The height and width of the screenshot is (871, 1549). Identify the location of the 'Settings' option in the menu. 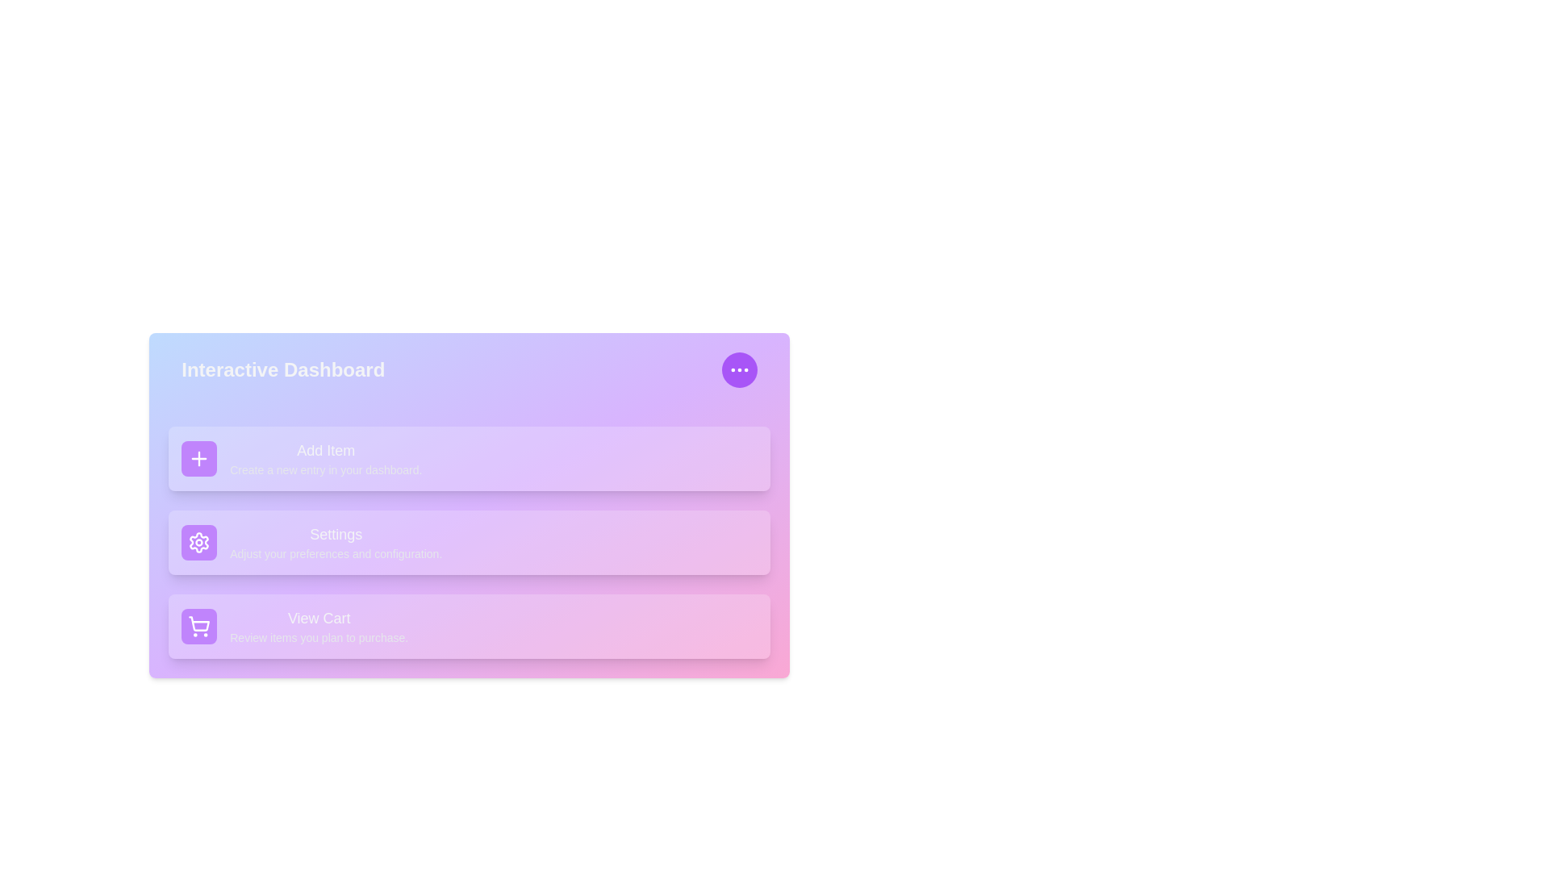
(468, 542).